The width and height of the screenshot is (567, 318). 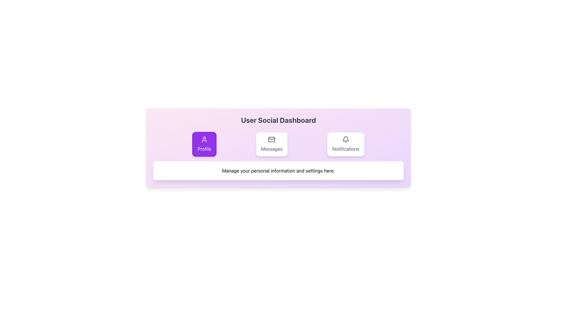 What do you see at coordinates (204, 148) in the screenshot?
I see `the 'Profile' button, which displays the text 'Profile' in white on a purple background` at bounding box center [204, 148].